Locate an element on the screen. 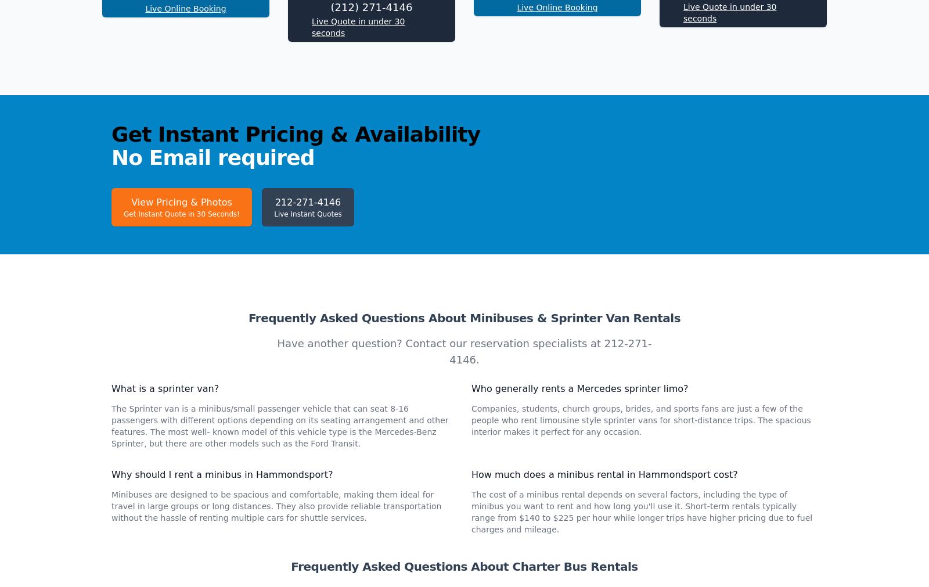  'Get Instant Pricing & Availability' is located at coordinates (295, 288).